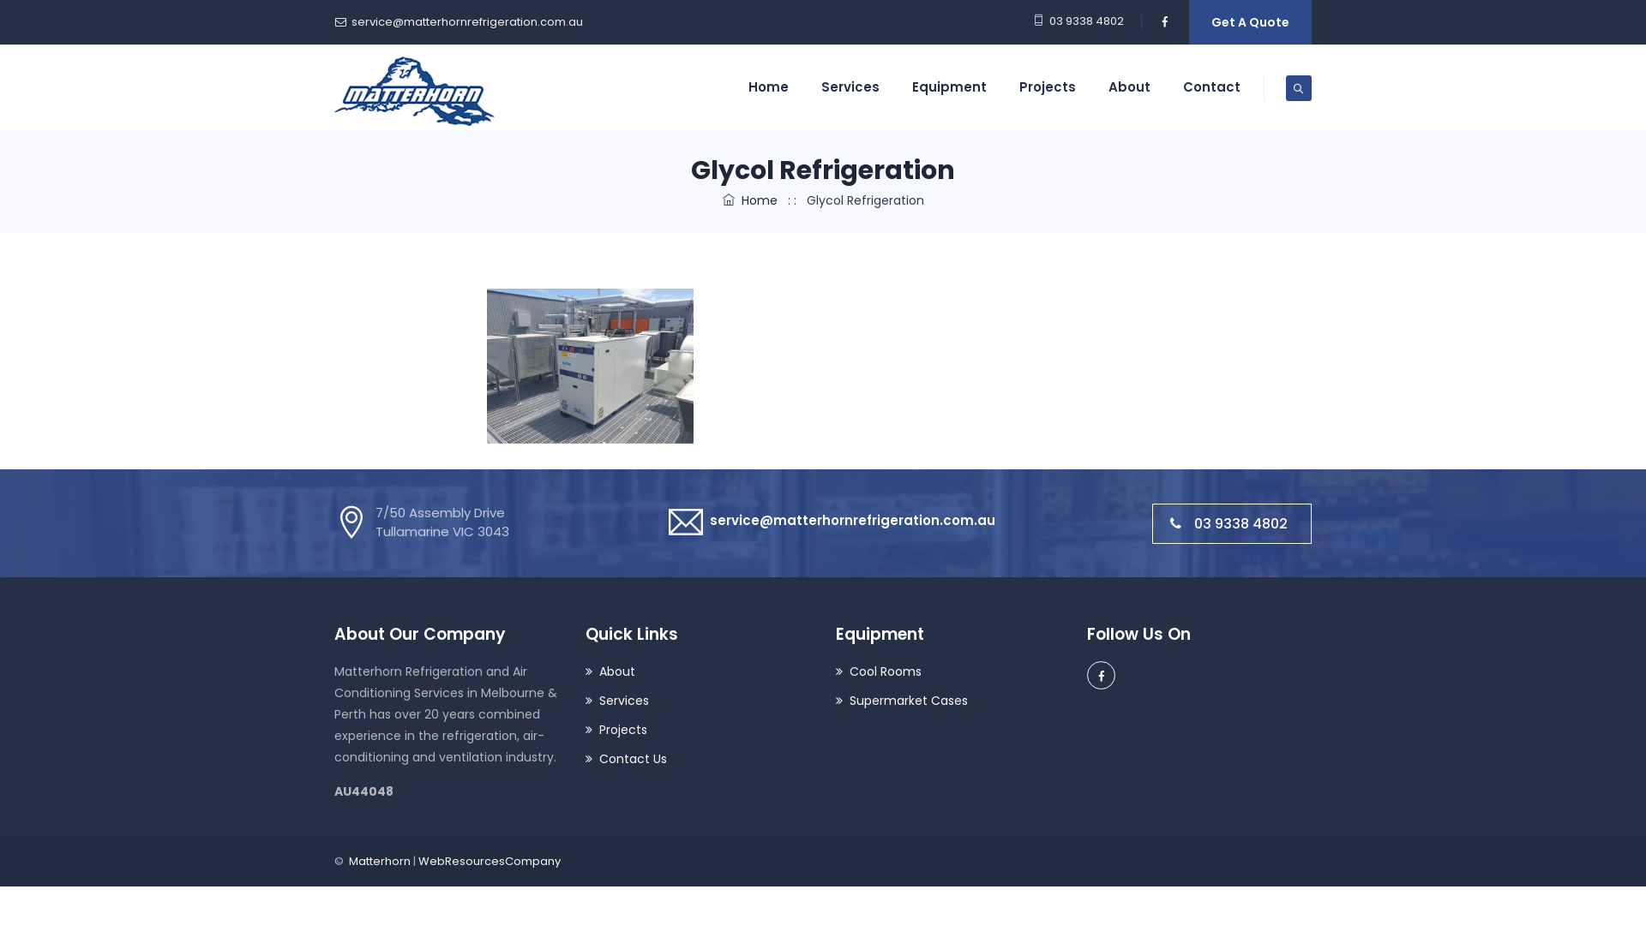 The width and height of the screenshot is (1646, 925). What do you see at coordinates (584, 730) in the screenshot?
I see `'Projects'` at bounding box center [584, 730].